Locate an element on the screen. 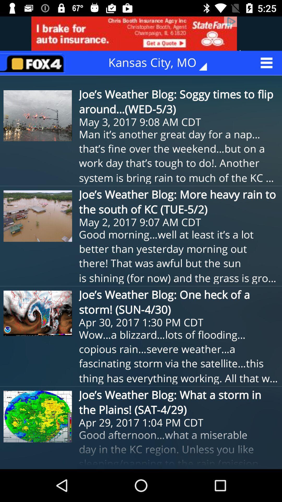 This screenshot has height=502, width=282. the image beside joes weather blog more heavy rain to the south of kctue52 is located at coordinates (38, 216).